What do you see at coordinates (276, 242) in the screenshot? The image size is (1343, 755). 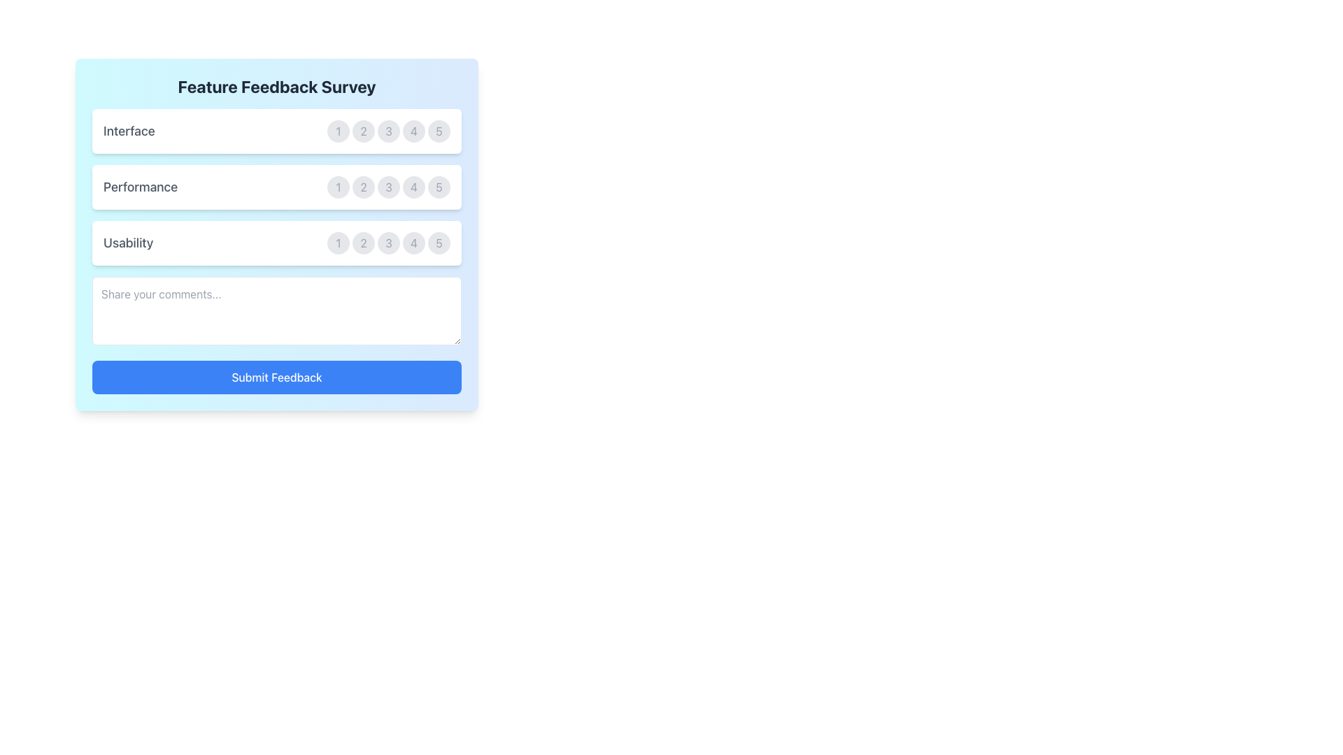 I see `the circular buttons of the Usability rating item group, which is the third feedback category in the vertical feedback form` at bounding box center [276, 242].